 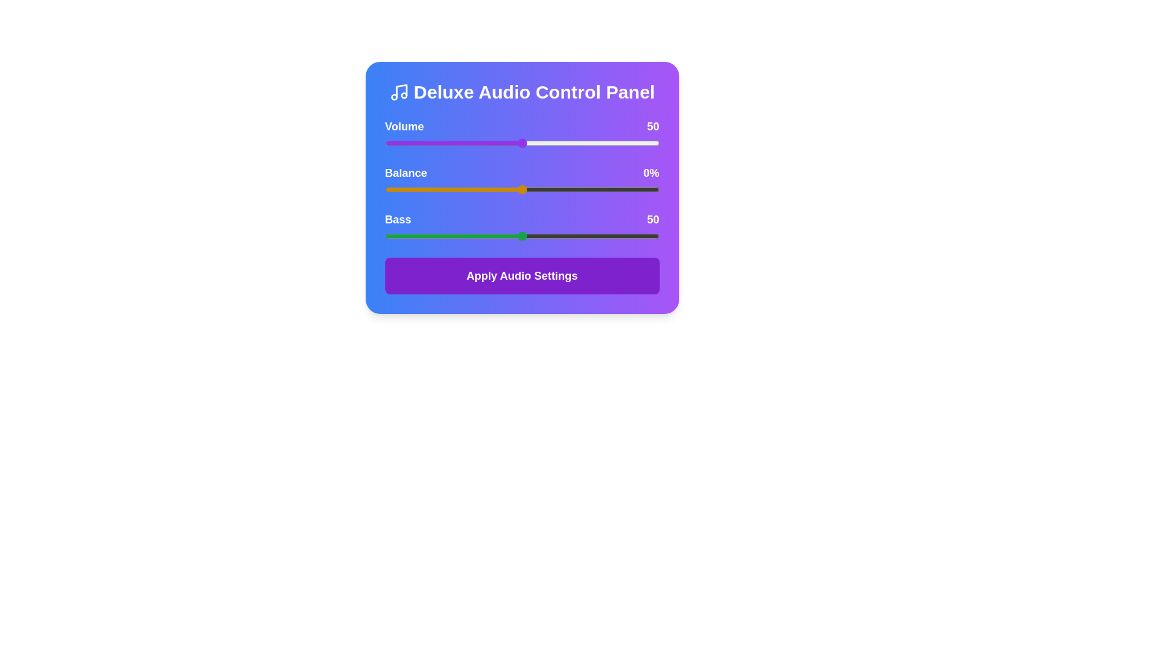 I want to click on the numerical text displaying '50' which is located on the right end of the horizontal slider labeled 'Bass' within the 'Deluxe Audio Control Panel'. This text is the third in a sequence following 'Volume' and 'Balance', so click(x=652, y=218).